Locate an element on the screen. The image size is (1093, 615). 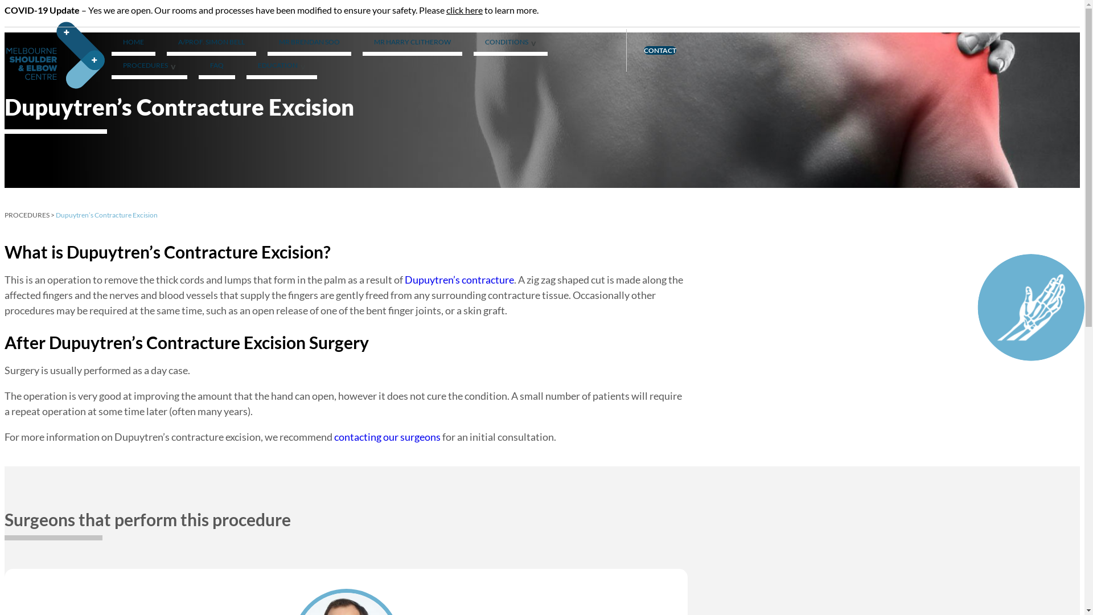
'CONTACT' is located at coordinates (660, 50).